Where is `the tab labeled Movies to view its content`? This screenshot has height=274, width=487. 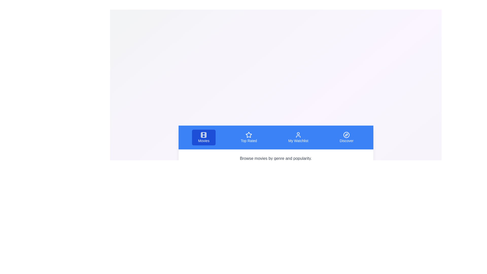 the tab labeled Movies to view its content is located at coordinates (204, 138).